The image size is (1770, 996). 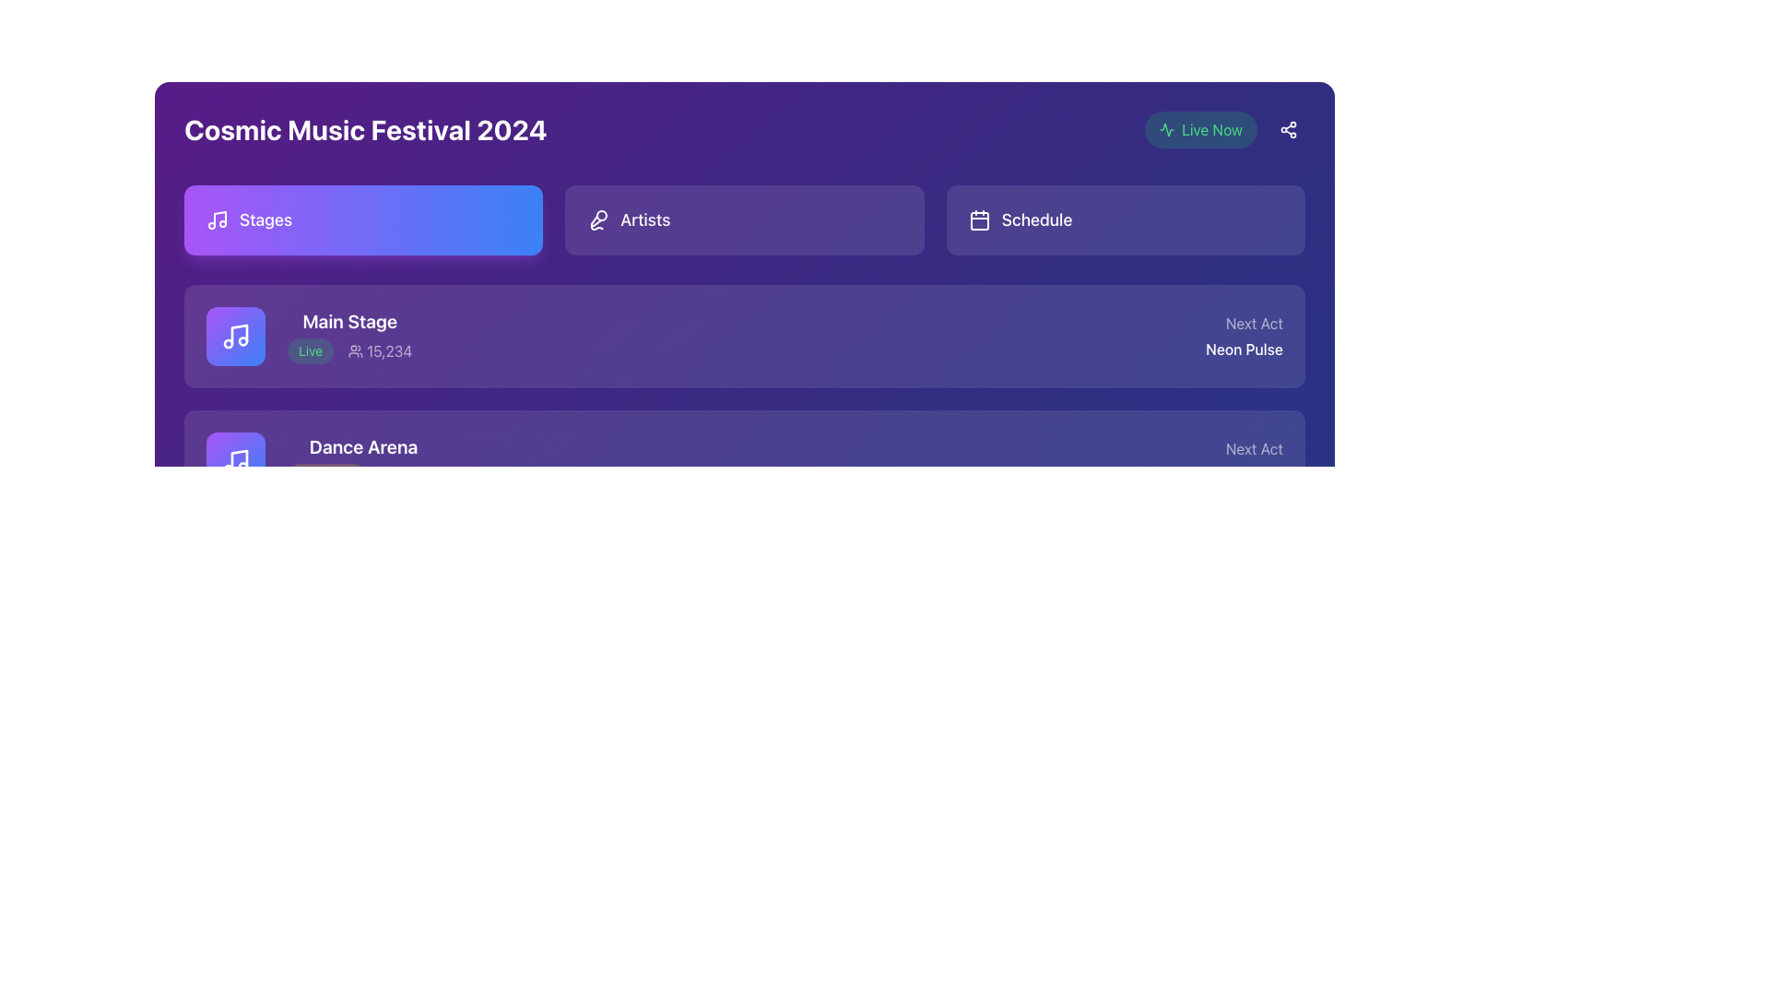 What do you see at coordinates (309, 337) in the screenshot?
I see `the Information badge or status indicator displaying 'Live' and audience count, located to the right of the 'Main Stage' title within the Main Stage panel` at bounding box center [309, 337].